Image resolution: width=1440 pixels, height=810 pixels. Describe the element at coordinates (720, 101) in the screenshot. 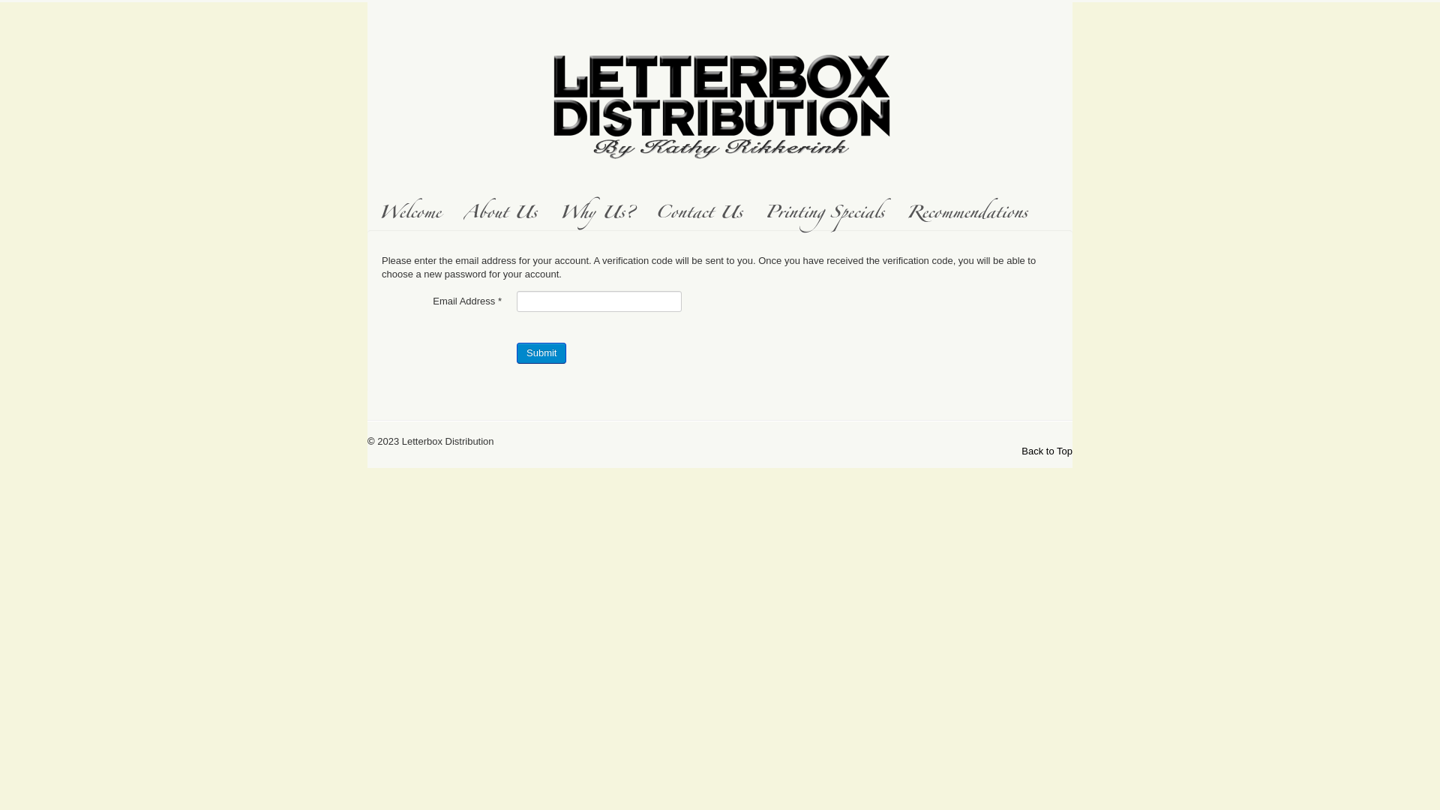

I see `'Logo'` at that location.